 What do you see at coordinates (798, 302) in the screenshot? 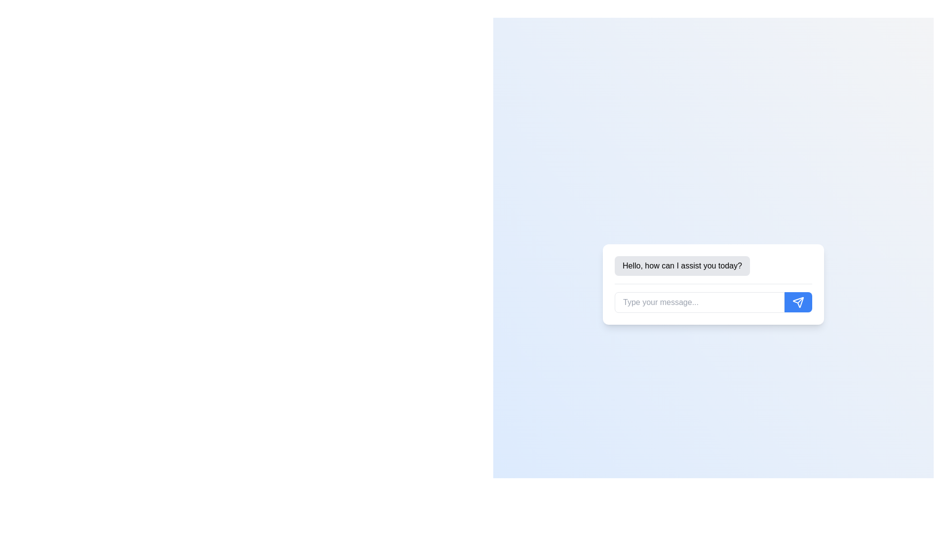
I see `the paper airplane icon, which is part of a blue rounded rectangular button located in the lower-right section of the chat input box` at bounding box center [798, 302].